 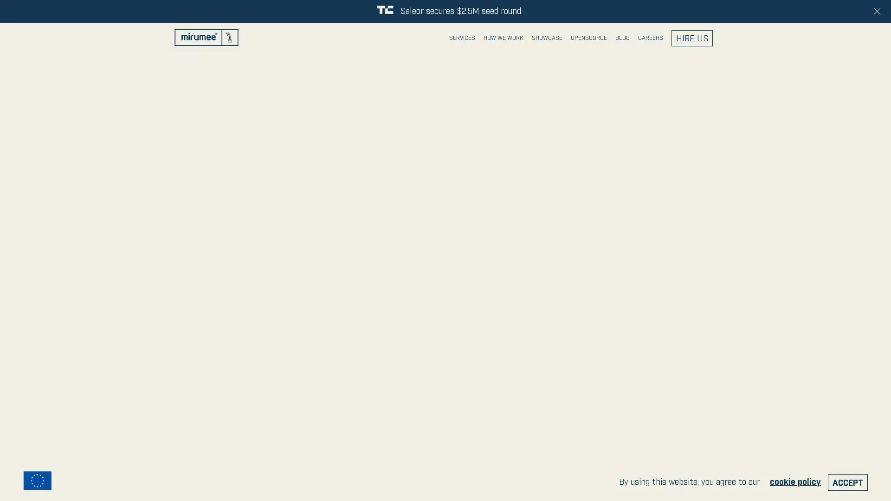 I want to click on send, so click(x=302, y=374).